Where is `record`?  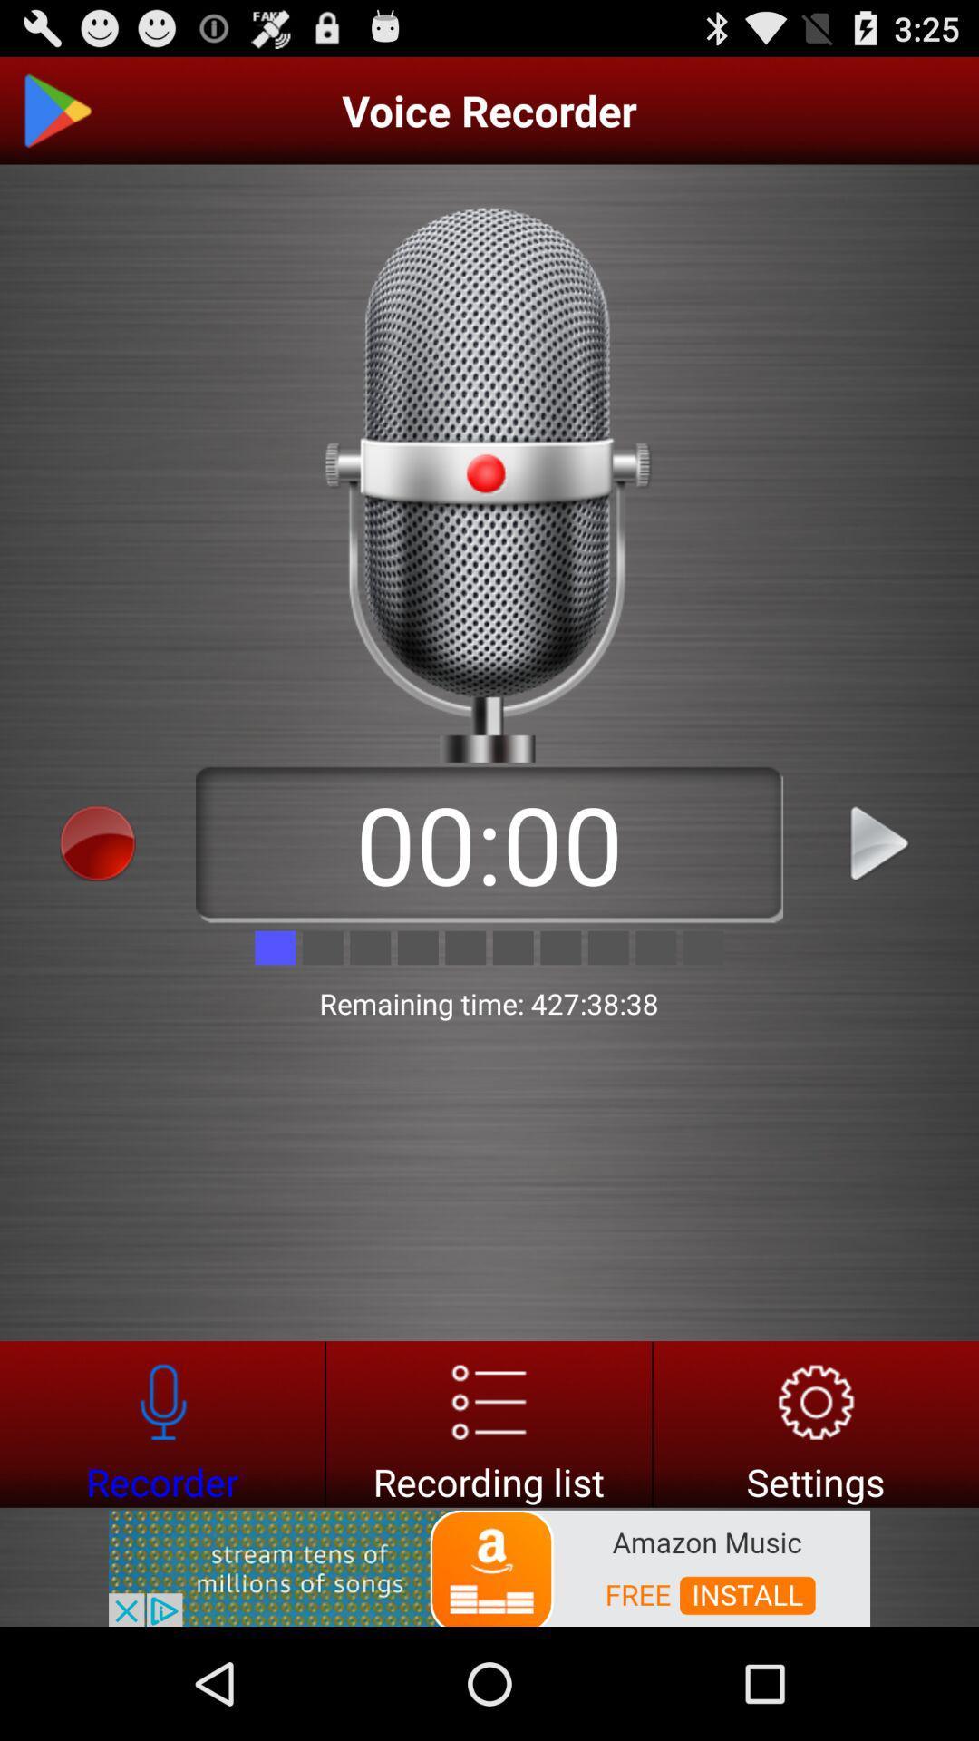
record is located at coordinates (488, 1423).